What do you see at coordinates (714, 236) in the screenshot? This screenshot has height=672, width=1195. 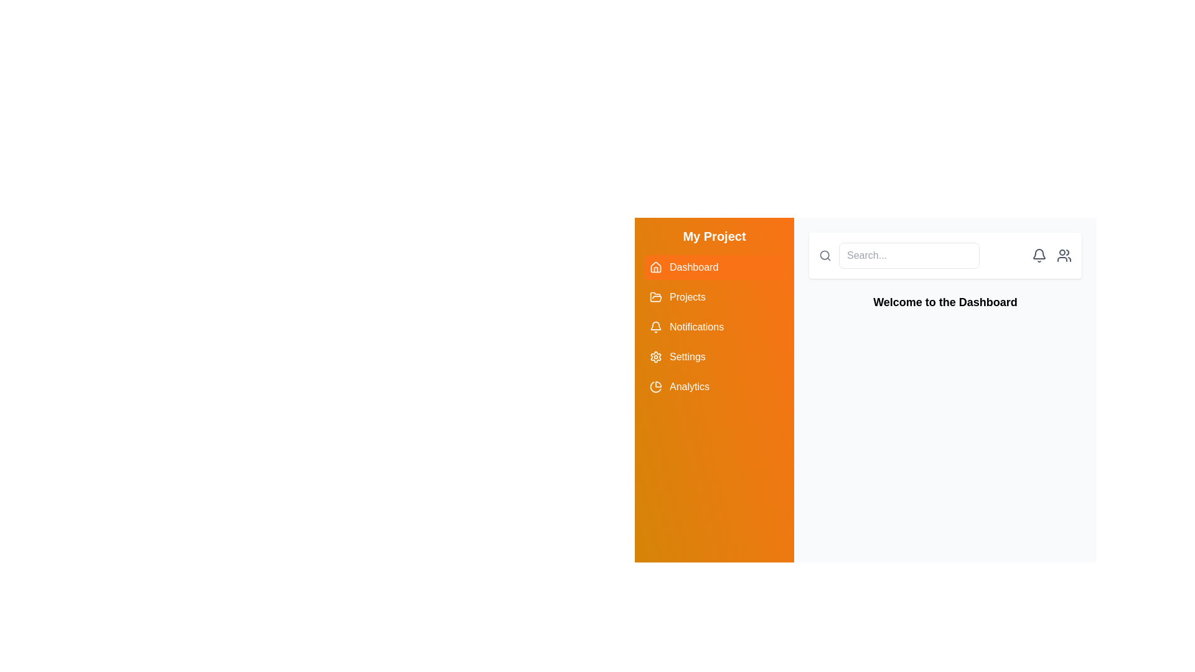 I see `the Static text header located at the top of the sidebar on the left-hand side, which indicates the current project or workspace name` at bounding box center [714, 236].